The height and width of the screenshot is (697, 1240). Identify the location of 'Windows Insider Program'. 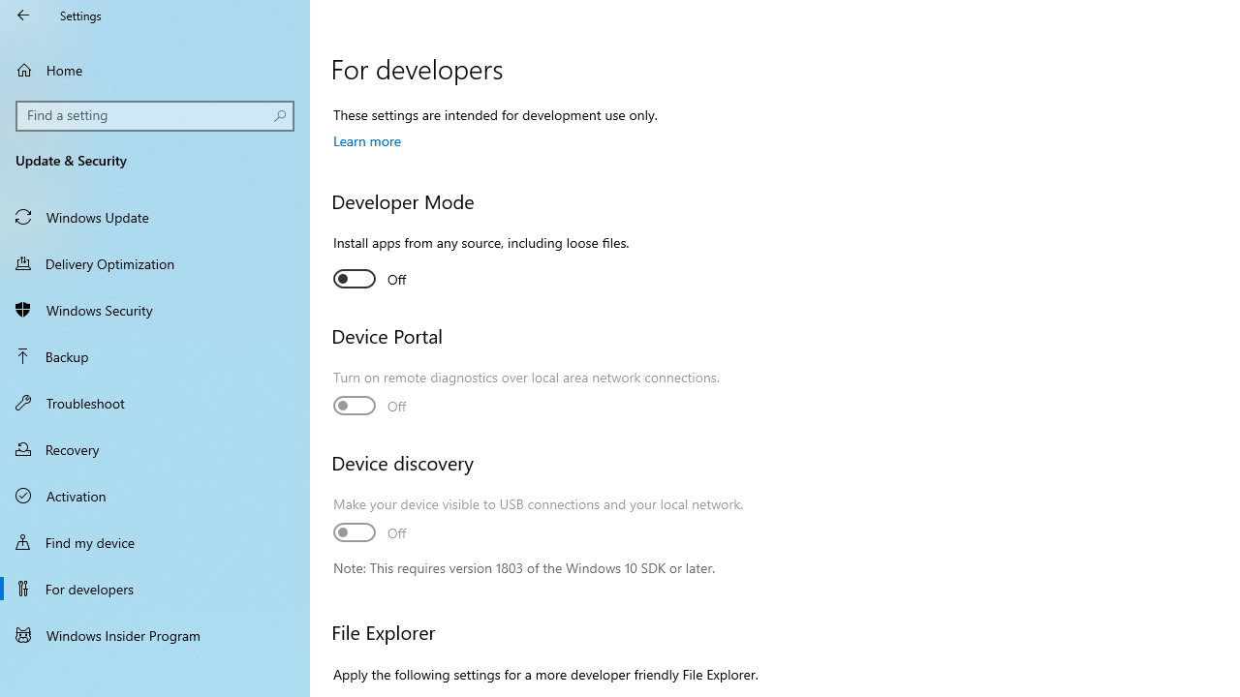
(155, 634).